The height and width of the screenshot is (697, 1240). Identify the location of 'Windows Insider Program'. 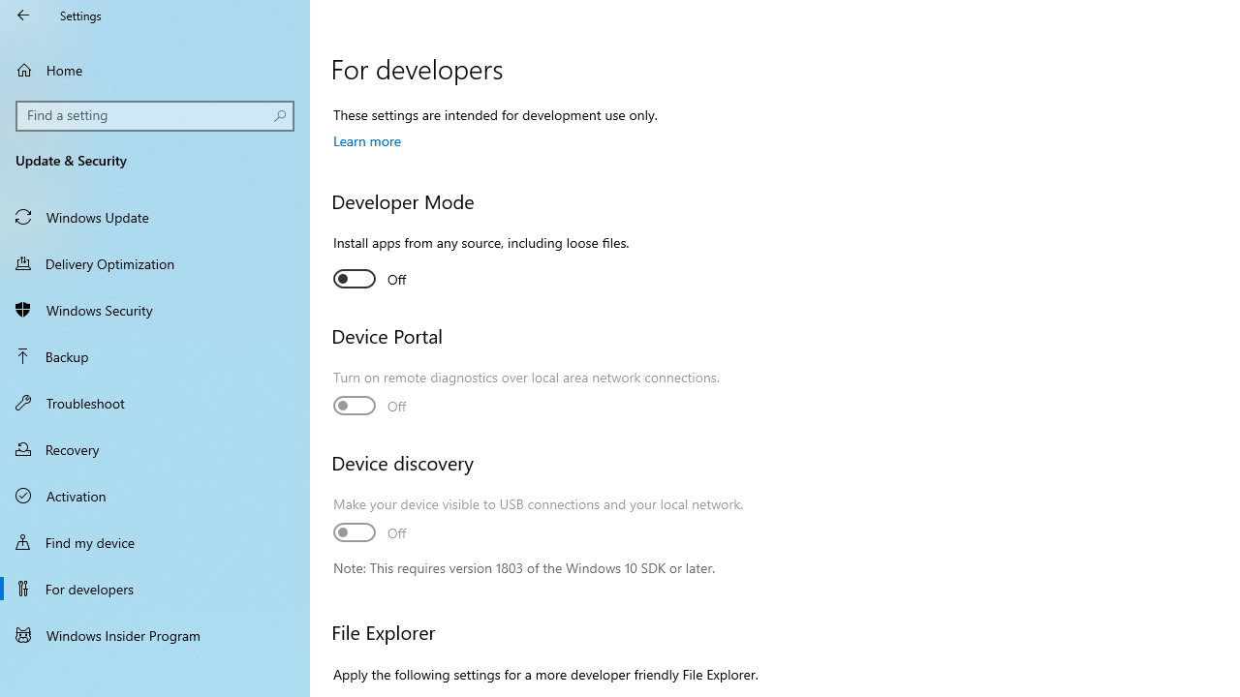
(155, 634).